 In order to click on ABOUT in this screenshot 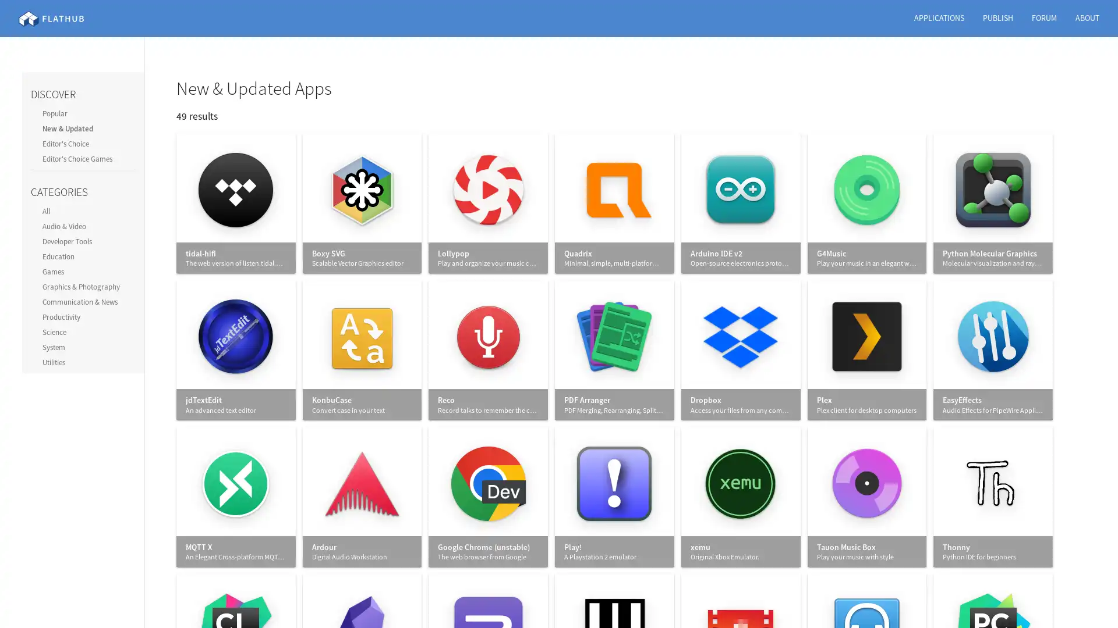, I will do `click(1087, 18)`.